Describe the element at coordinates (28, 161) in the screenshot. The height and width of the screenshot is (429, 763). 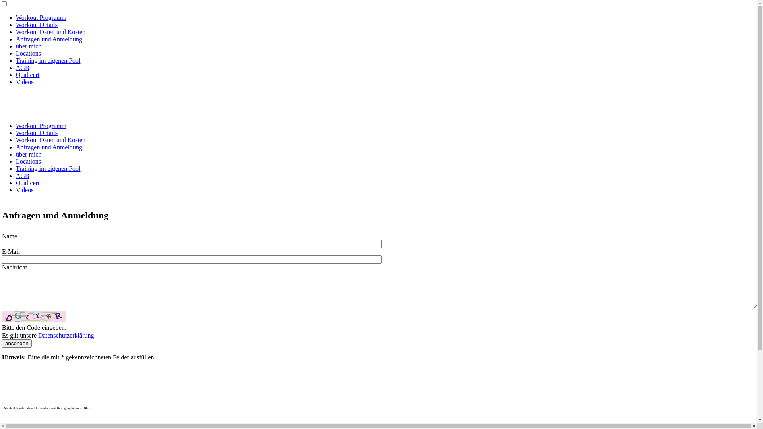
I see `'Locations'` at that location.